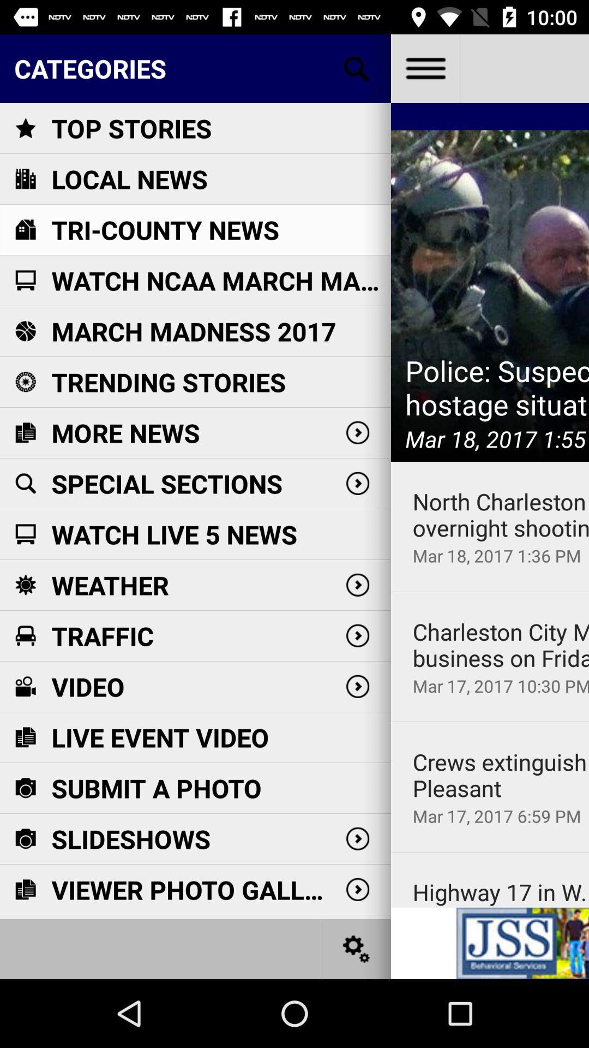 This screenshot has width=589, height=1048. What do you see at coordinates (357, 68) in the screenshot?
I see `the search icon` at bounding box center [357, 68].